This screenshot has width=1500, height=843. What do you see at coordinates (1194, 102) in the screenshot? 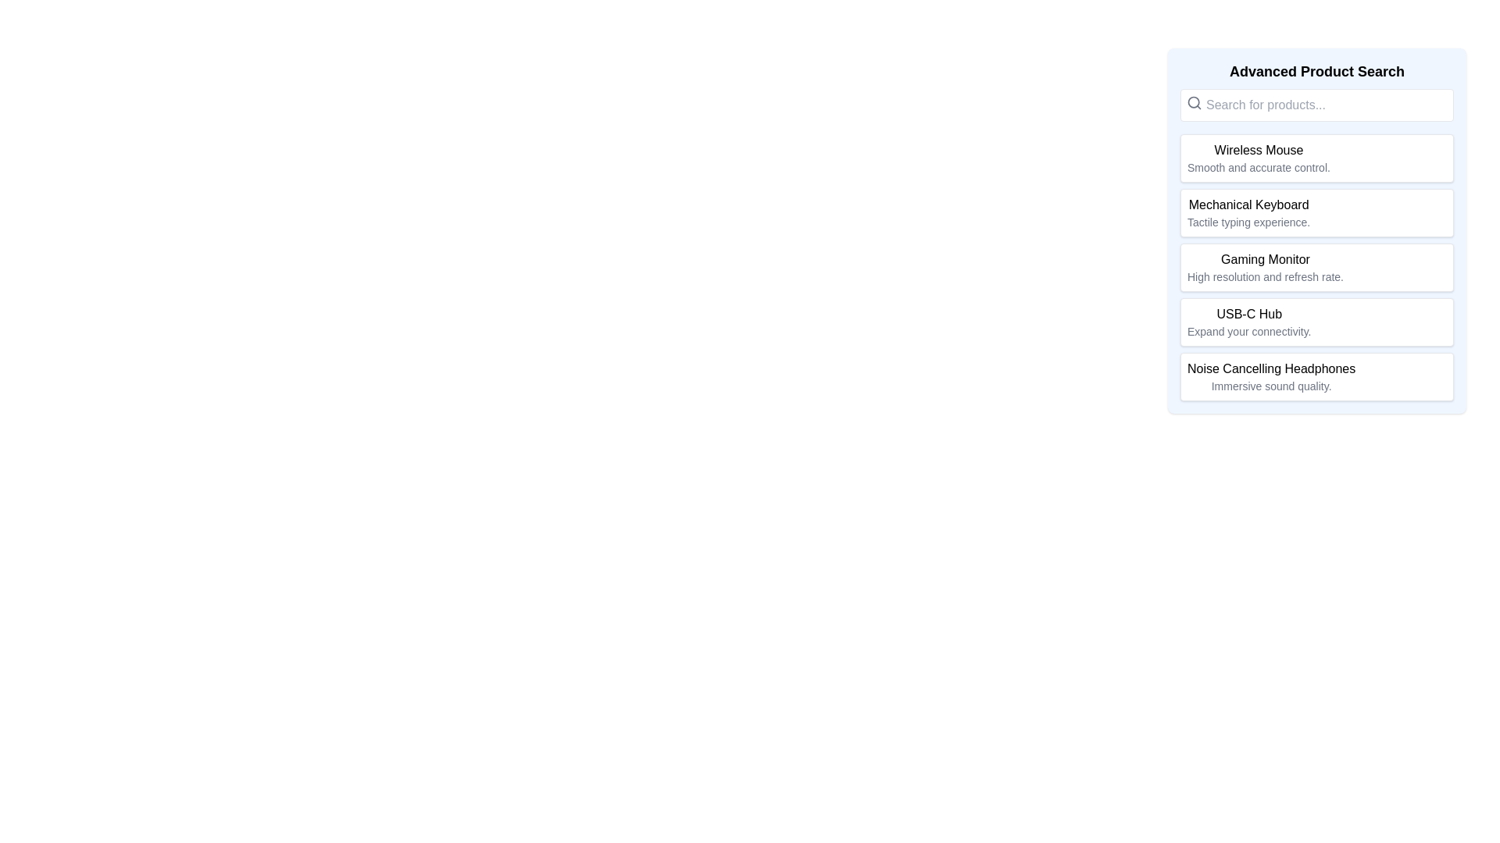
I see `the search icon located to the left of the search bar input field in the 'Advanced Product Search' section` at bounding box center [1194, 102].